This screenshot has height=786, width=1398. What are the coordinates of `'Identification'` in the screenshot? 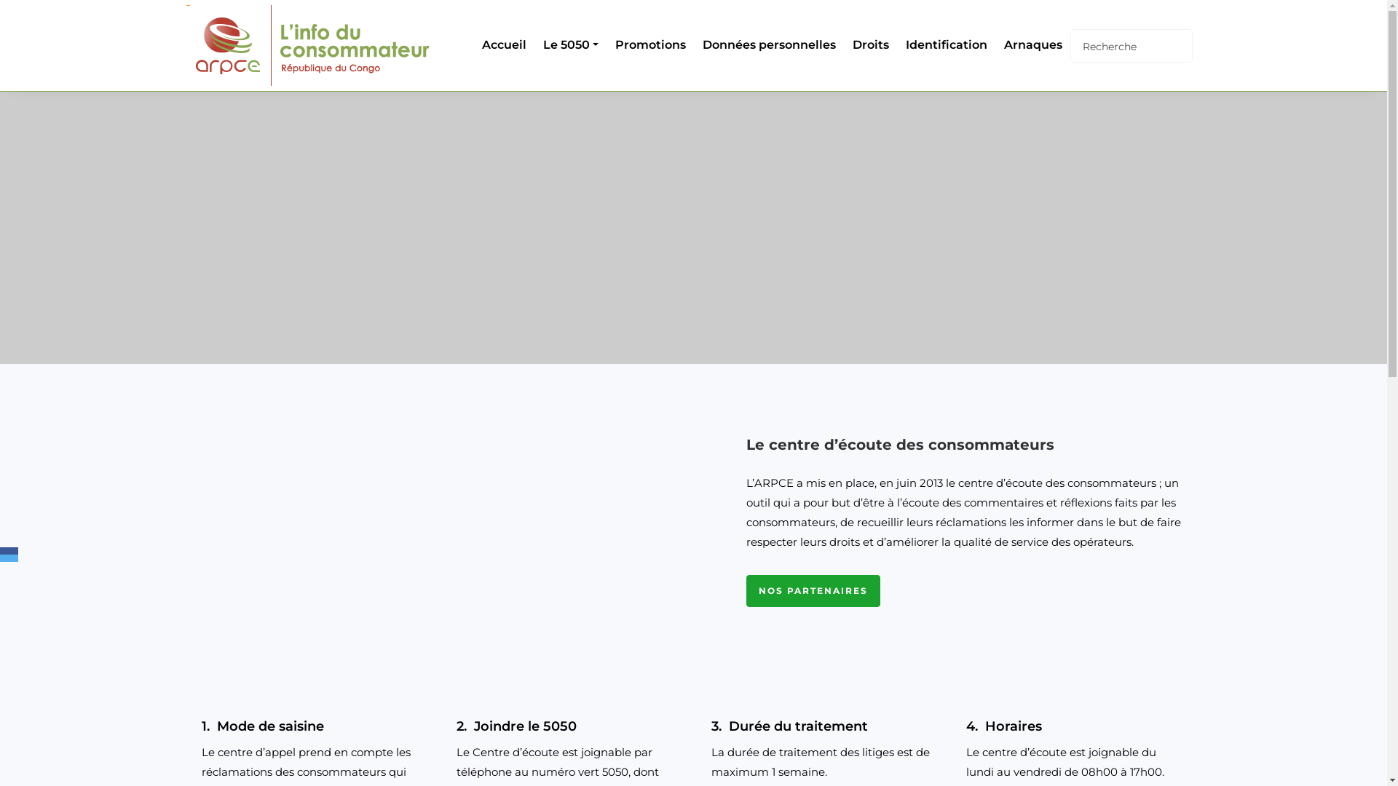 It's located at (944, 44).